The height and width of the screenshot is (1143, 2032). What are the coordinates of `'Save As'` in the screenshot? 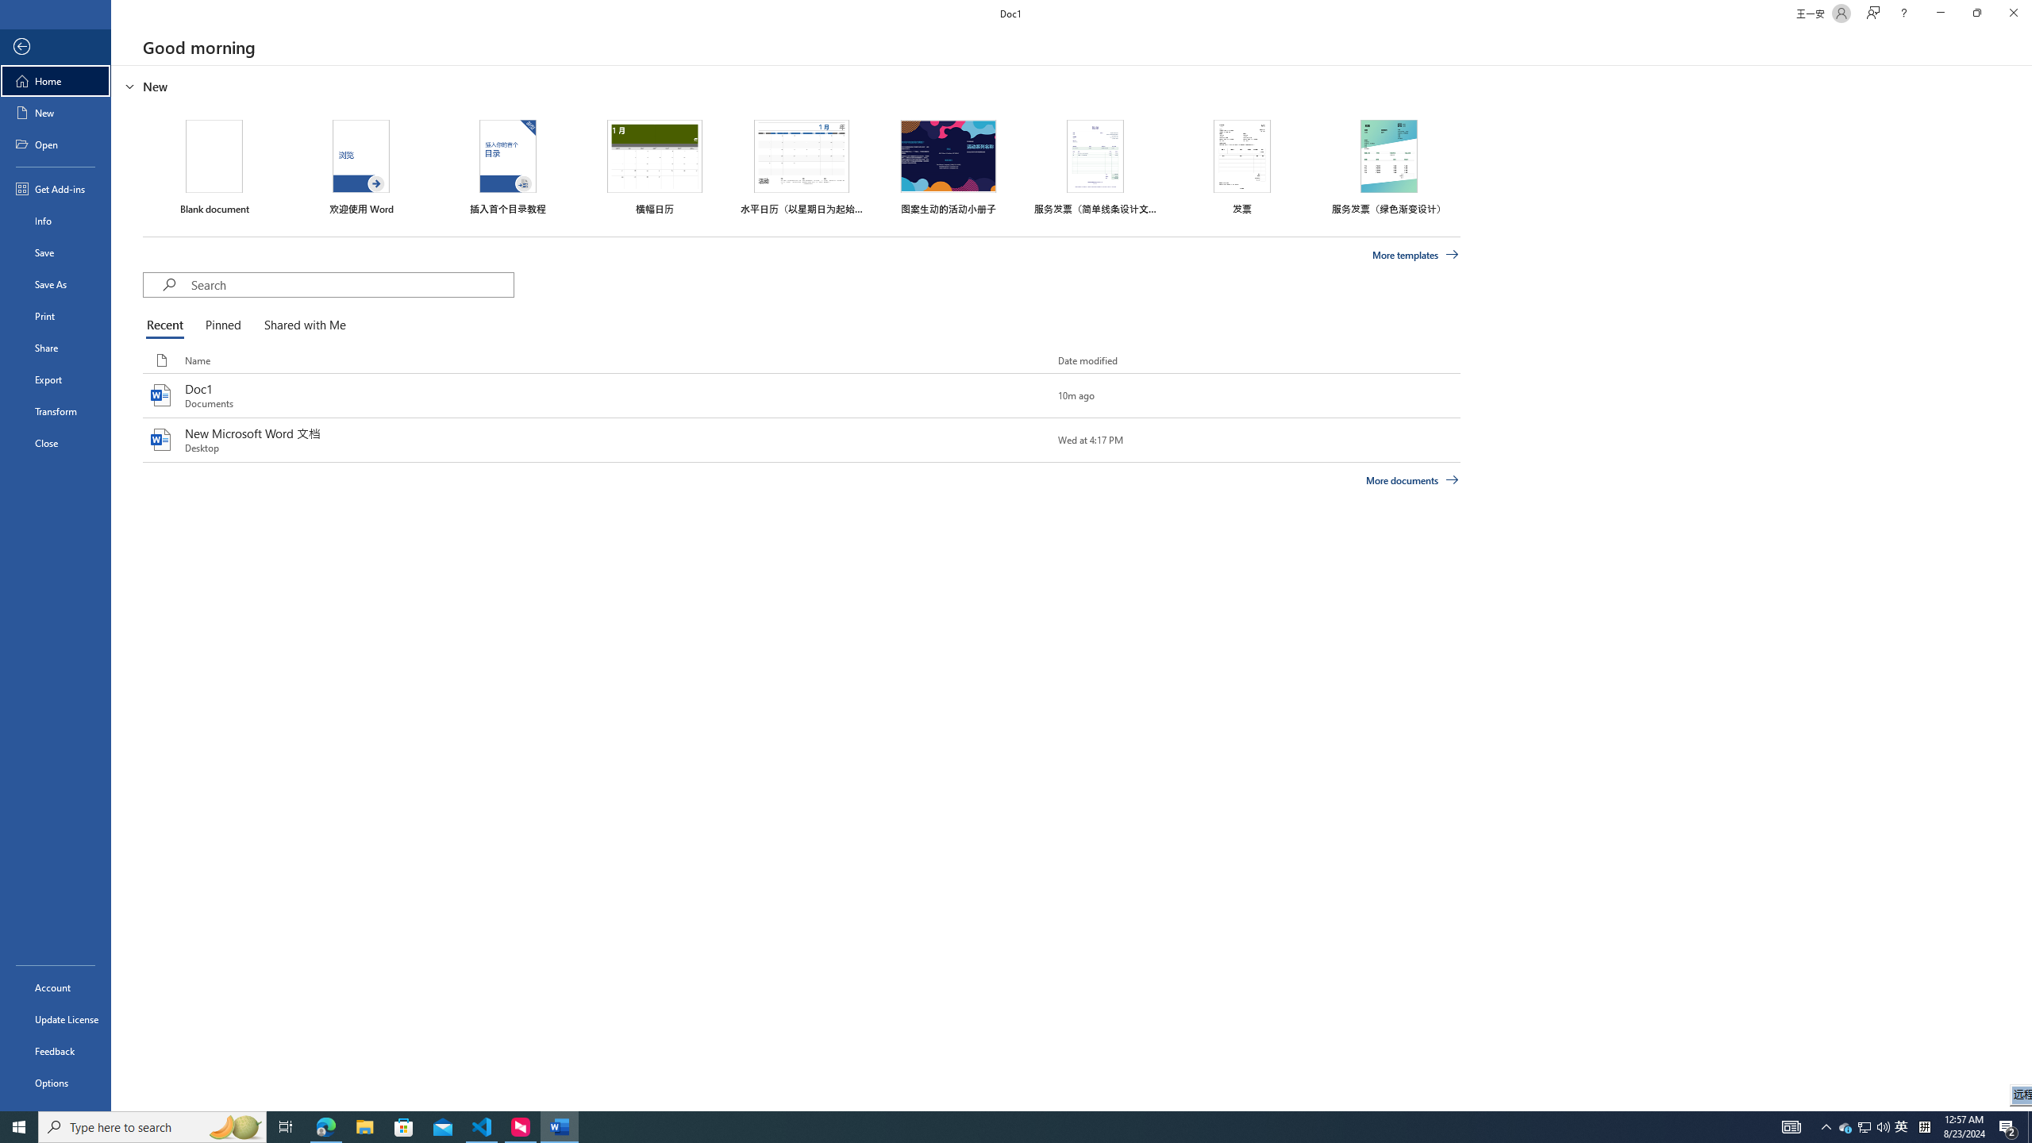 It's located at (55, 283).